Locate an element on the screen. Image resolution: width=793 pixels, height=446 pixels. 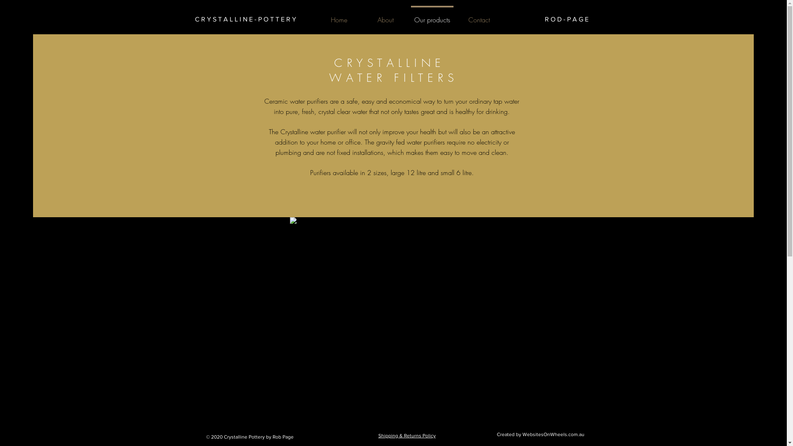
'About' is located at coordinates (362, 16).